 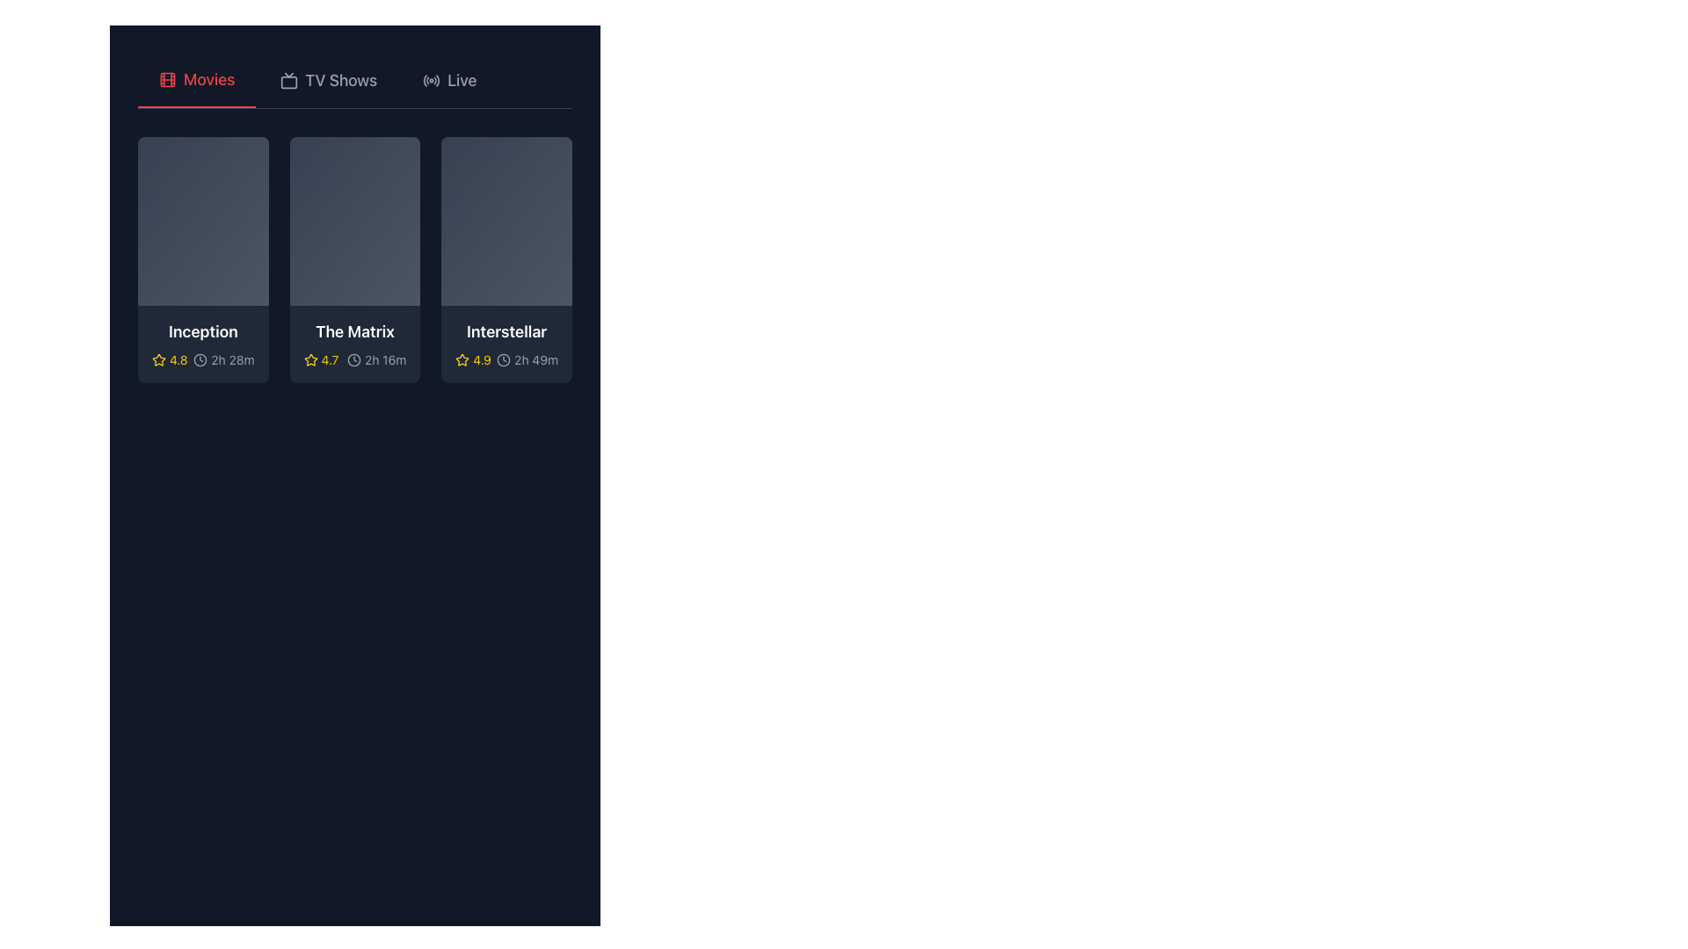 I want to click on time duration label '2h 16m' associated with the clock icon in the second movie card below 'The Matrix', so click(x=375, y=359).